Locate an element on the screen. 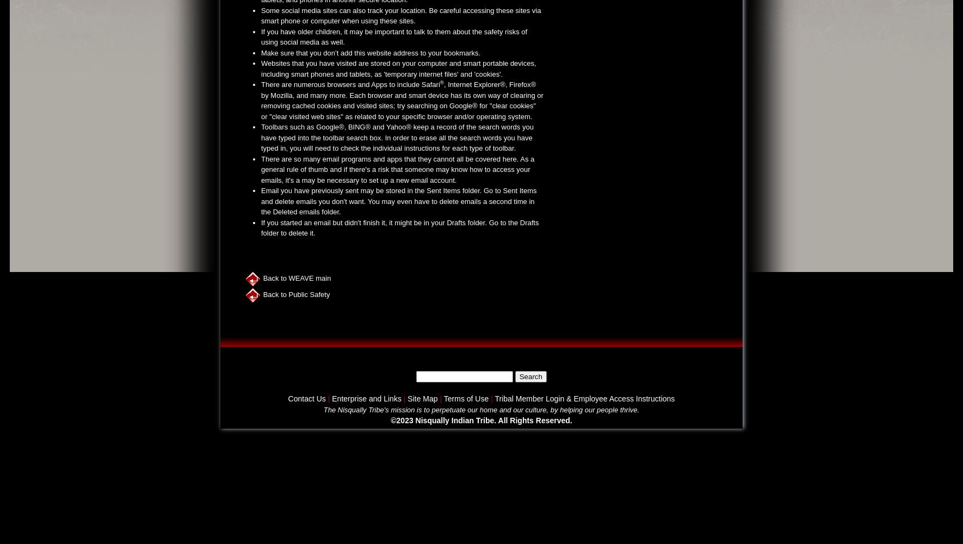 Image resolution: width=963 pixels, height=544 pixels. '©2023 Nisqually Indian Tribe. All Rights Reserved.' is located at coordinates (481, 421).